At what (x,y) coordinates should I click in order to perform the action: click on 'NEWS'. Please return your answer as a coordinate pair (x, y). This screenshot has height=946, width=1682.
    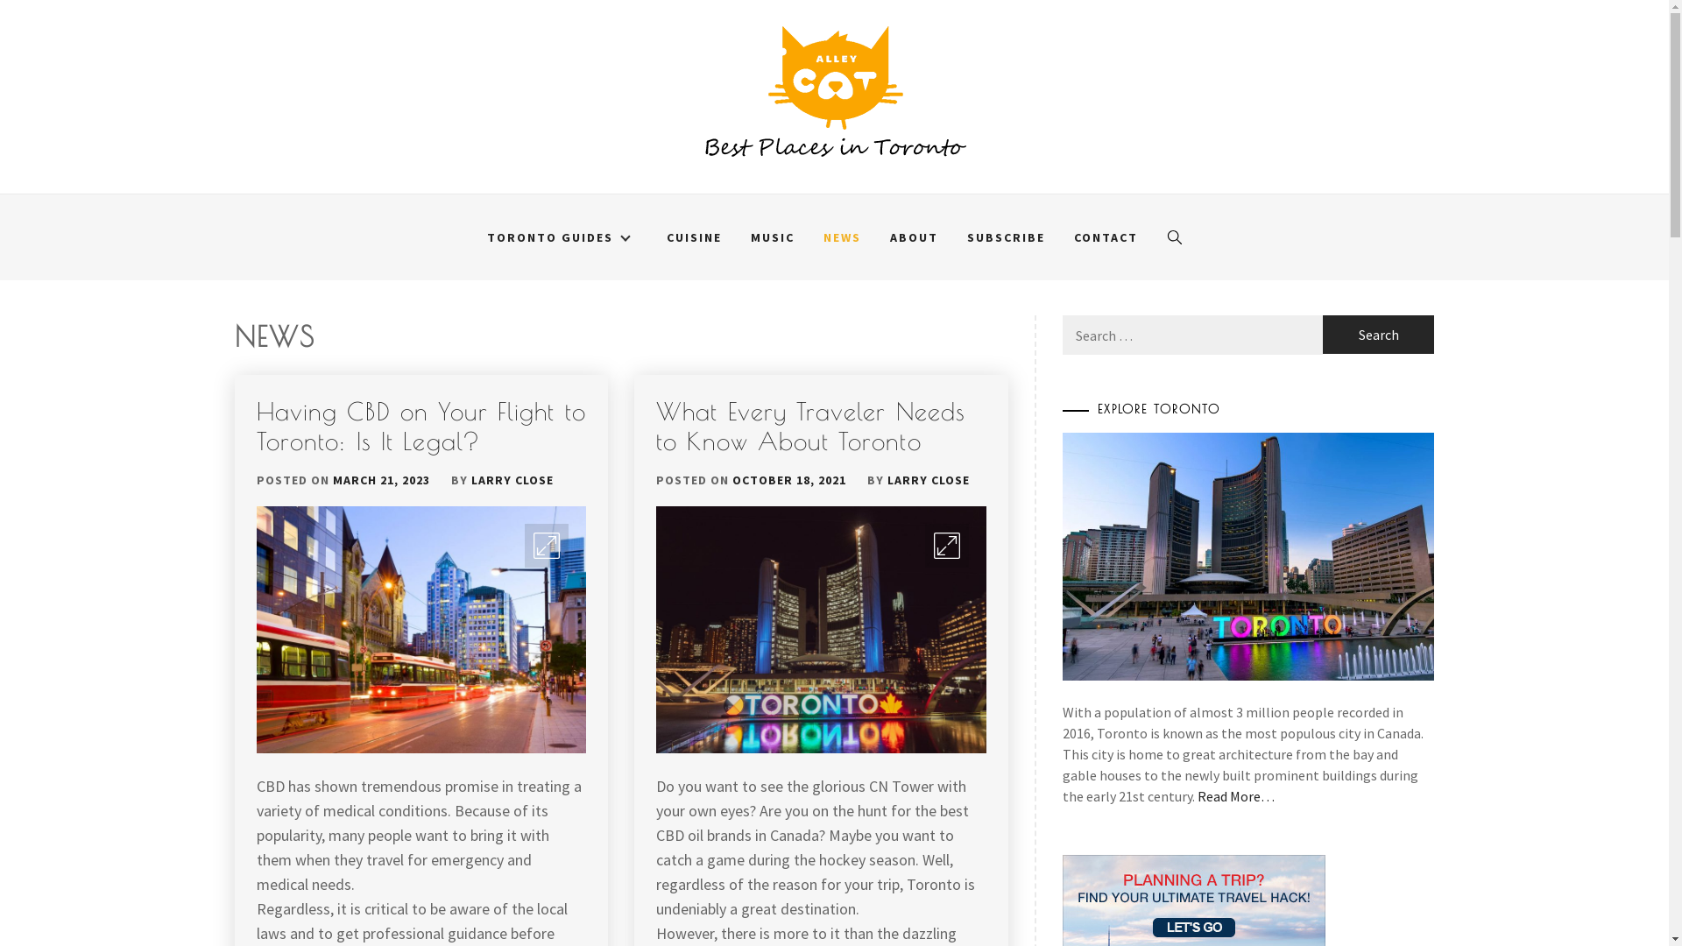
    Looking at the image, I should click on (841, 236).